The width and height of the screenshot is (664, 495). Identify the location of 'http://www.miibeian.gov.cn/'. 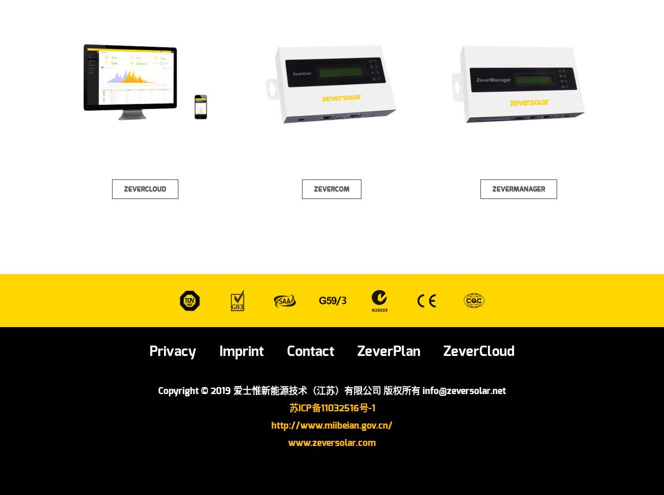
(332, 425).